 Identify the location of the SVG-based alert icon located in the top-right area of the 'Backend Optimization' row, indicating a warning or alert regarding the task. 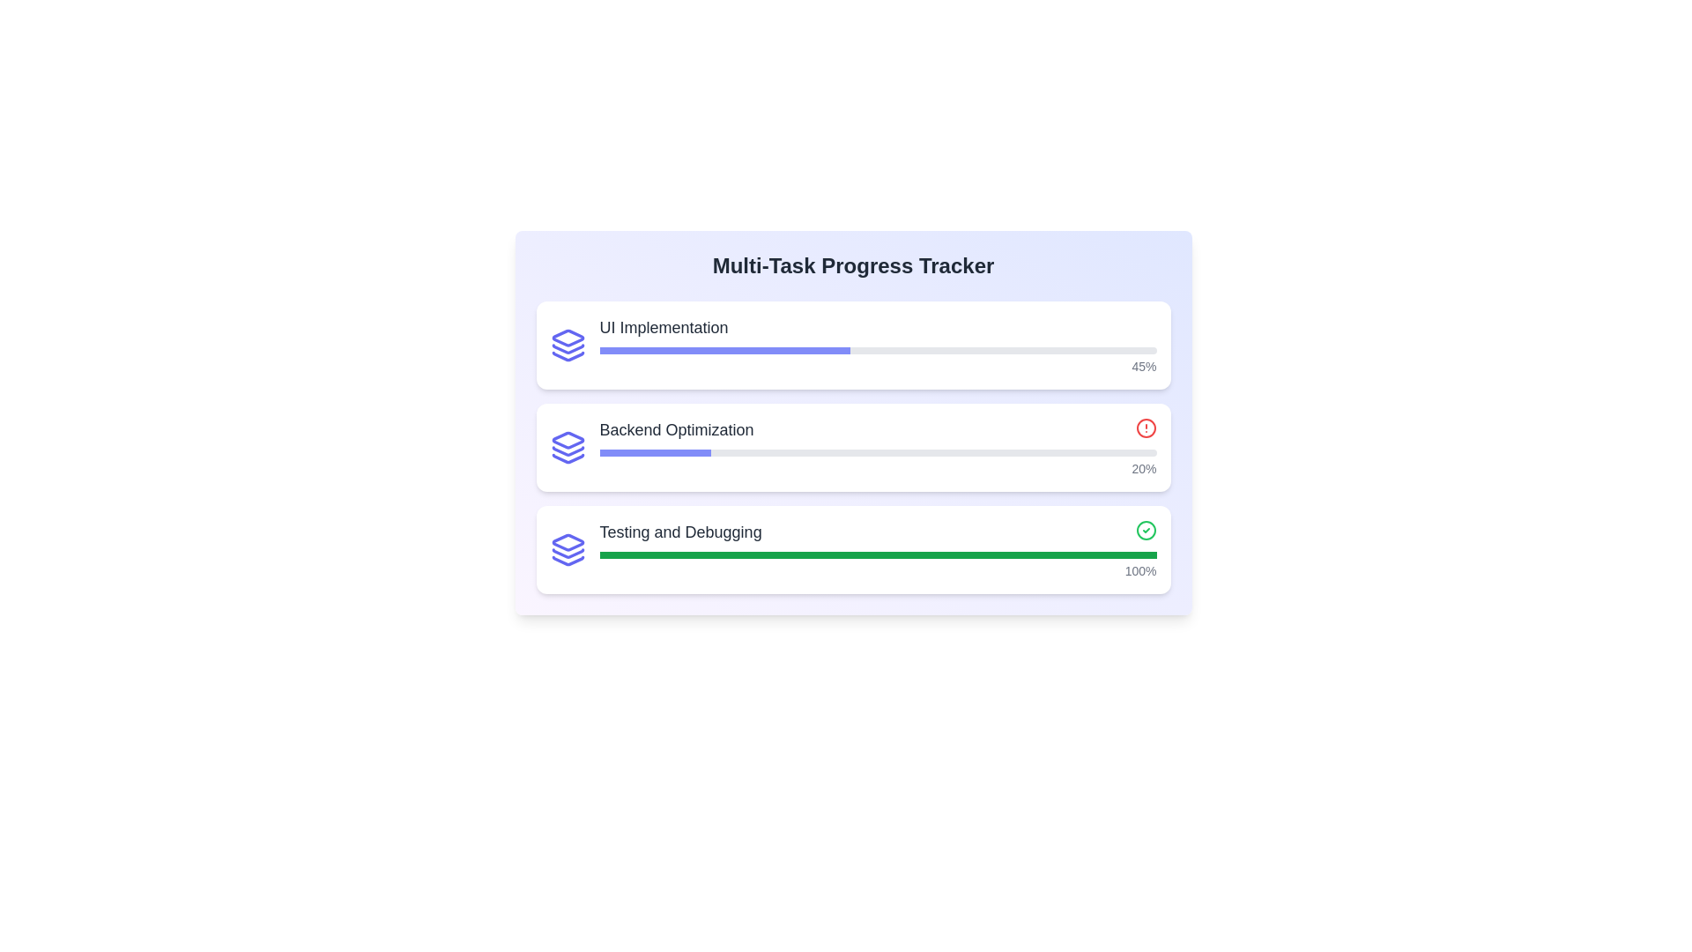
(1146, 430).